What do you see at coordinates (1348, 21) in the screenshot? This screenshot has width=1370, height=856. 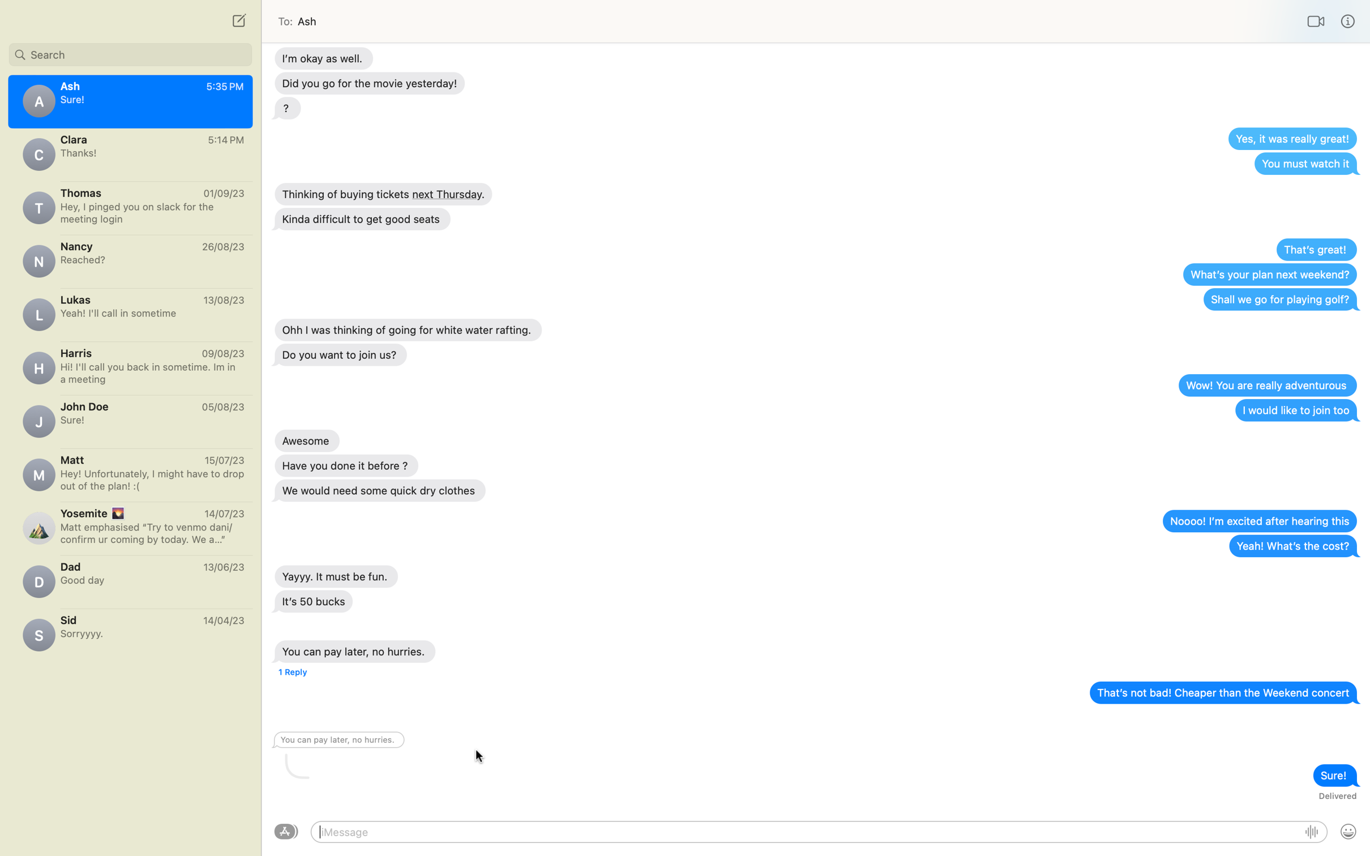 I see `information tab` at bounding box center [1348, 21].